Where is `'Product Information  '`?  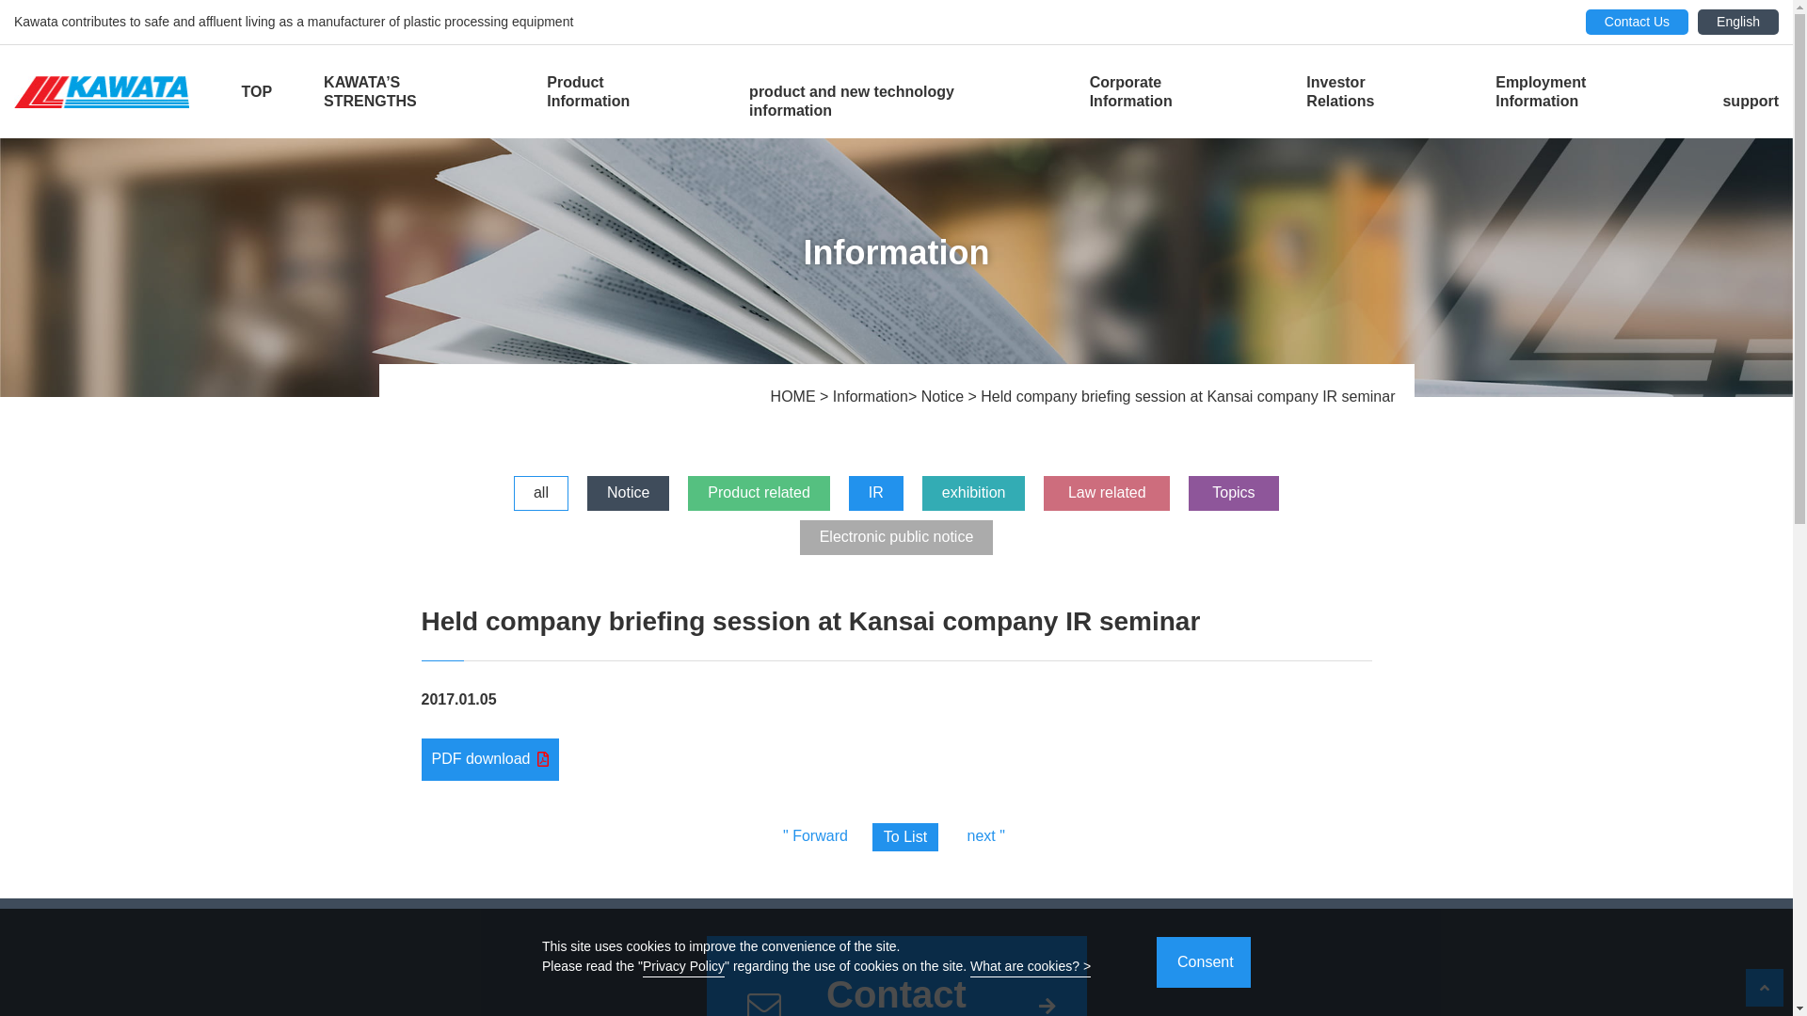 'Product Information  ' is located at coordinates (622, 91).